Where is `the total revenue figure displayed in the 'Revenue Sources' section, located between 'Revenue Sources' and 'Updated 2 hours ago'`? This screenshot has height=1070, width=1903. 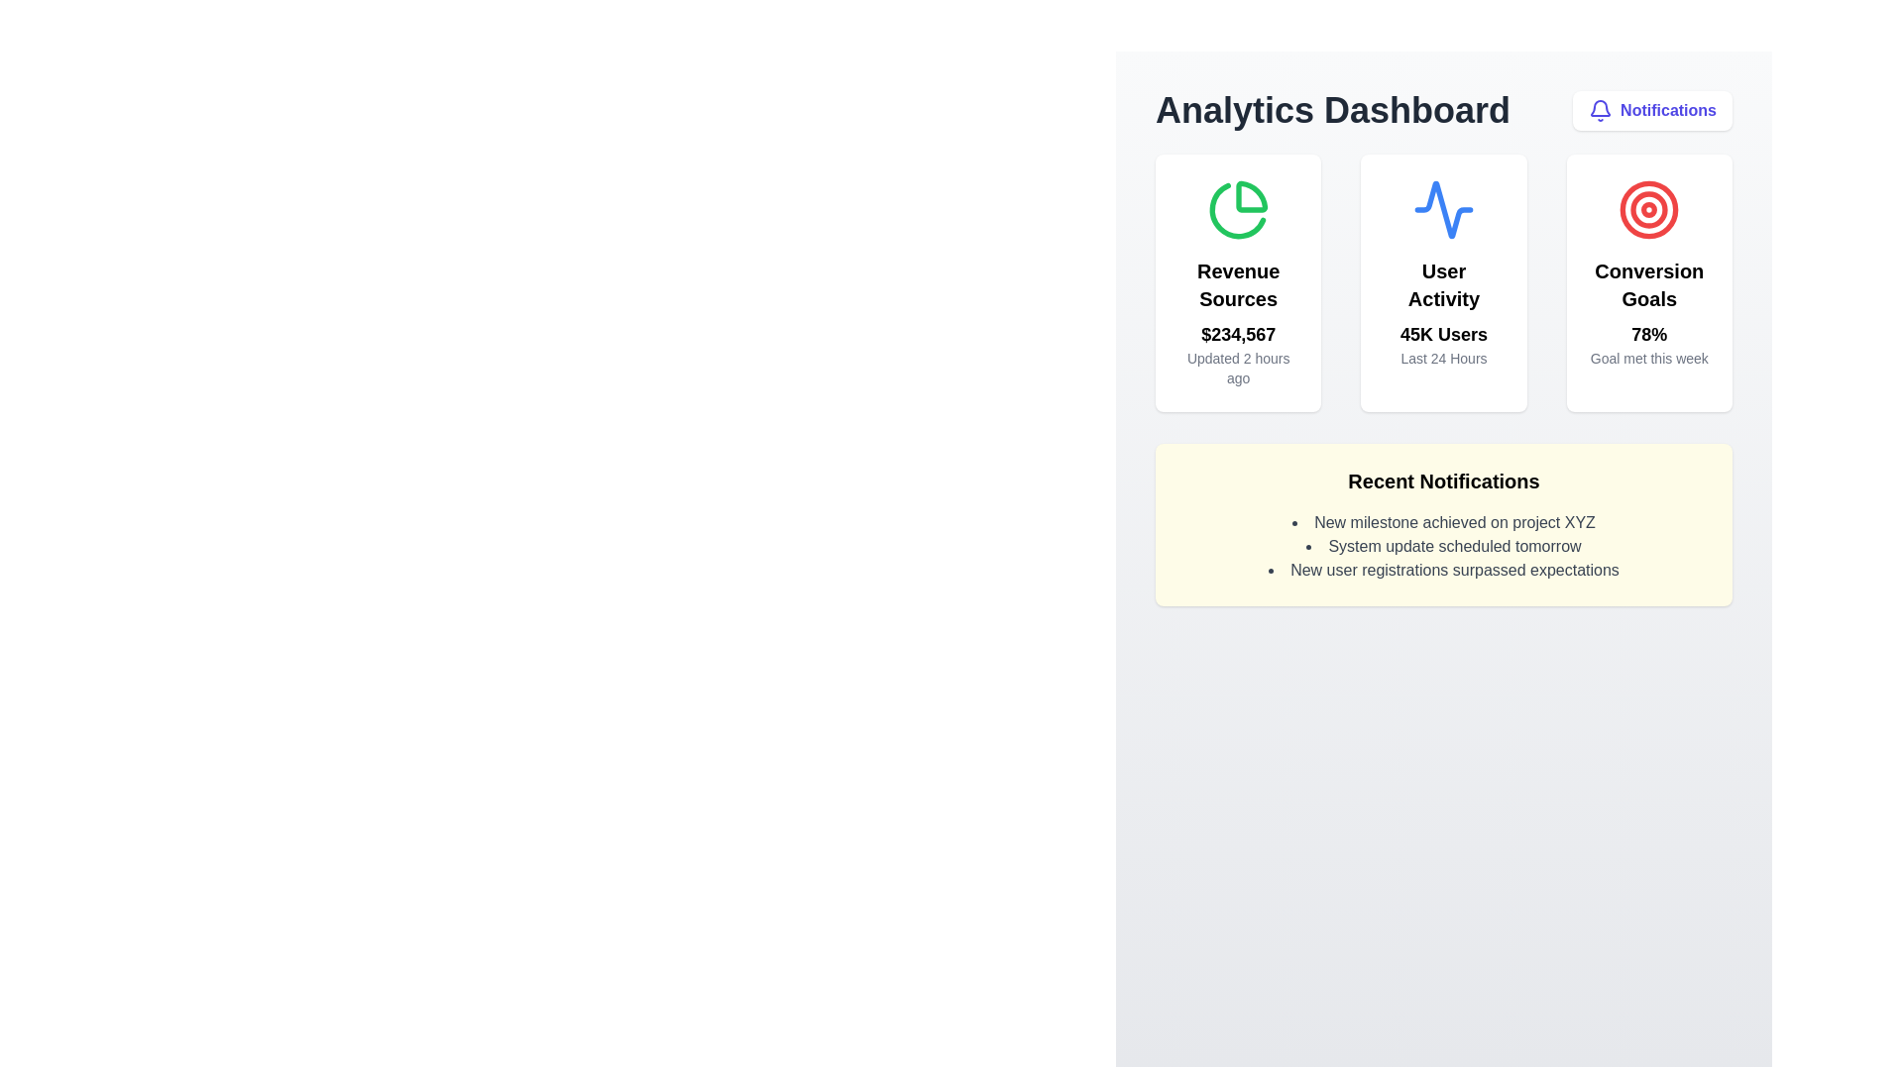
the total revenue figure displayed in the 'Revenue Sources' section, located between 'Revenue Sources' and 'Updated 2 hours ago' is located at coordinates (1237, 334).